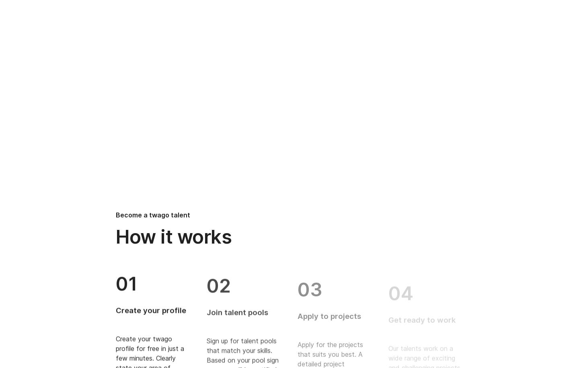  Describe the element at coordinates (309, 283) in the screenshot. I see `'03'` at that location.